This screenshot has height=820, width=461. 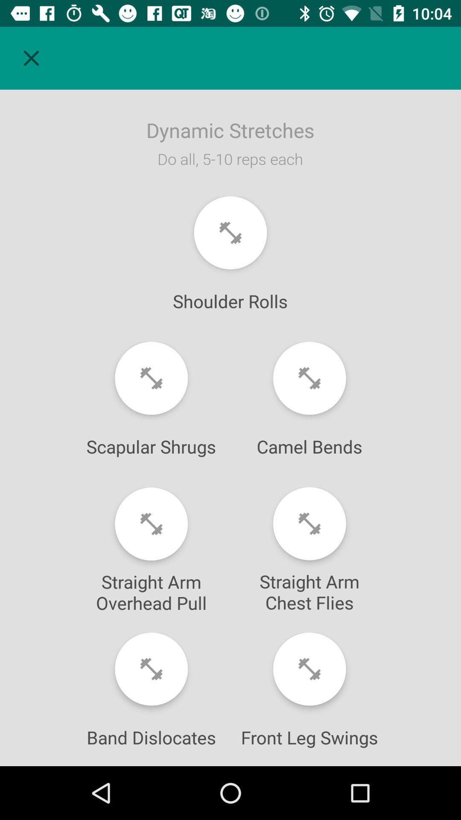 I want to click on shoulder rolls, so click(x=230, y=233).